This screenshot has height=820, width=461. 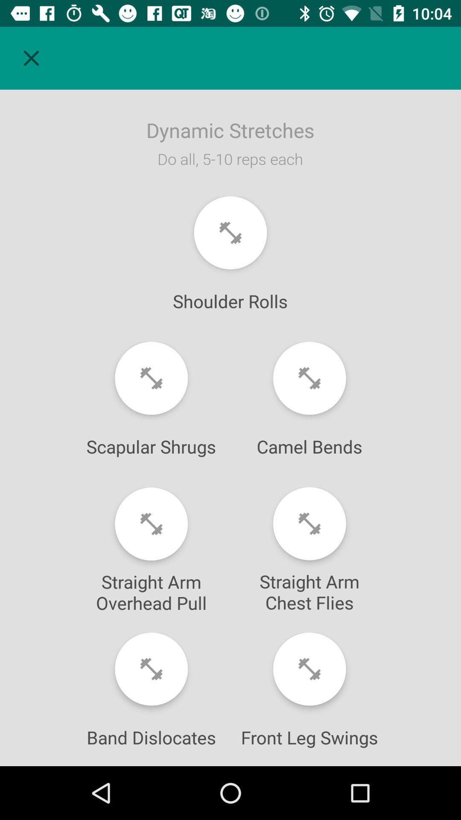 I want to click on shoulder rolls, so click(x=230, y=233).